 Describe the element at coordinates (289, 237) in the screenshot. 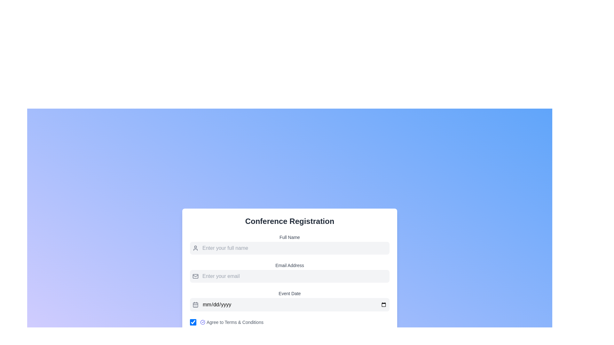

I see `the text label that instructs users to enter their full name, which is located above the associated input field` at that location.